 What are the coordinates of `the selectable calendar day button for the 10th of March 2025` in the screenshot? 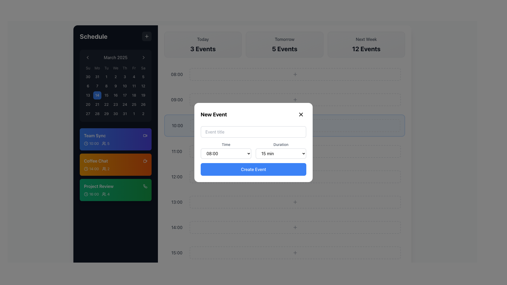 It's located at (124, 86).